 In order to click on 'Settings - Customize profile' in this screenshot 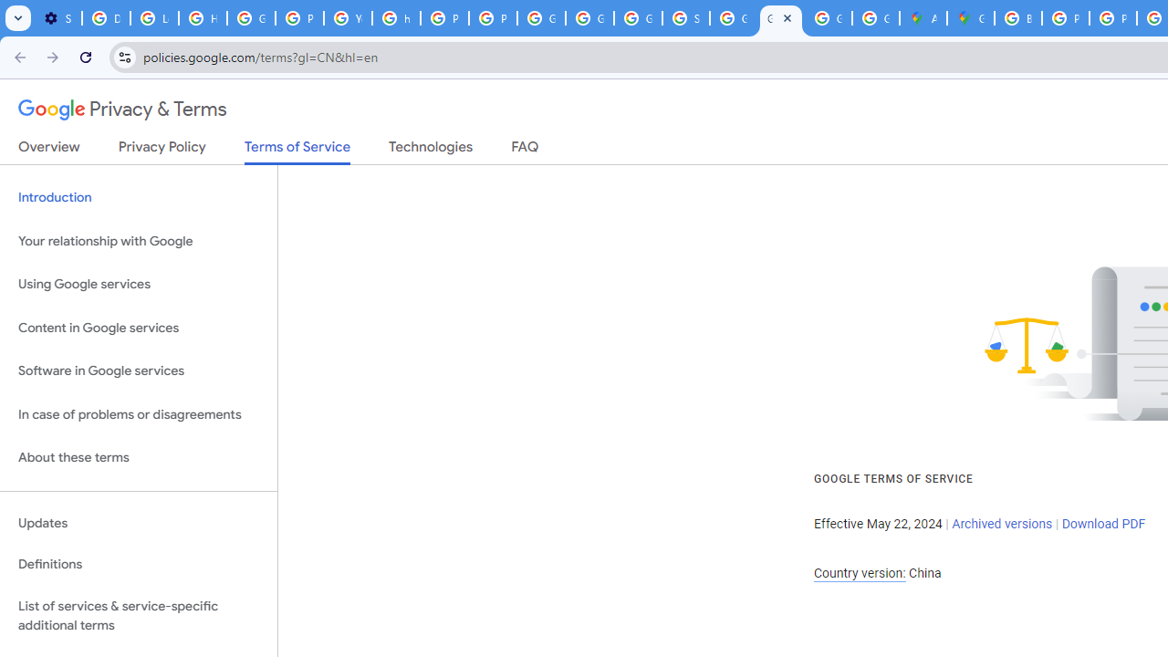, I will do `click(57, 18)`.